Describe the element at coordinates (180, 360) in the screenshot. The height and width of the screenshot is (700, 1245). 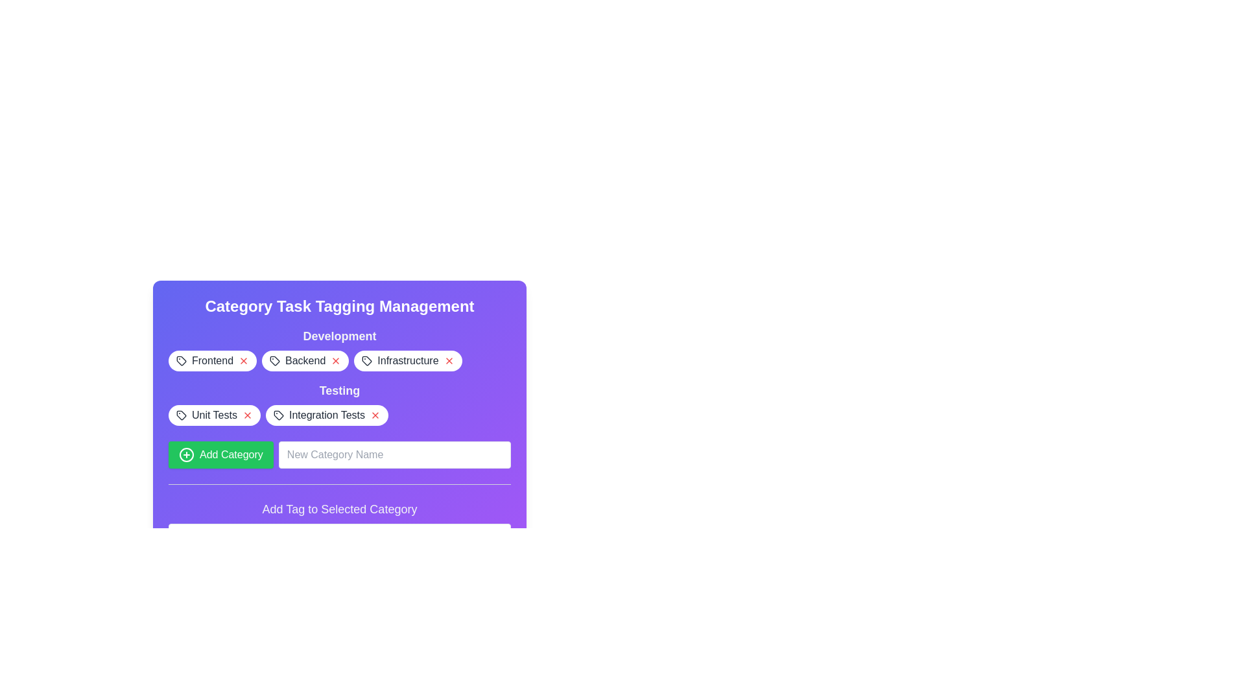
I see `the 'Frontend' graphical icon, which is the first tag in the row under the 'Development' header` at that location.